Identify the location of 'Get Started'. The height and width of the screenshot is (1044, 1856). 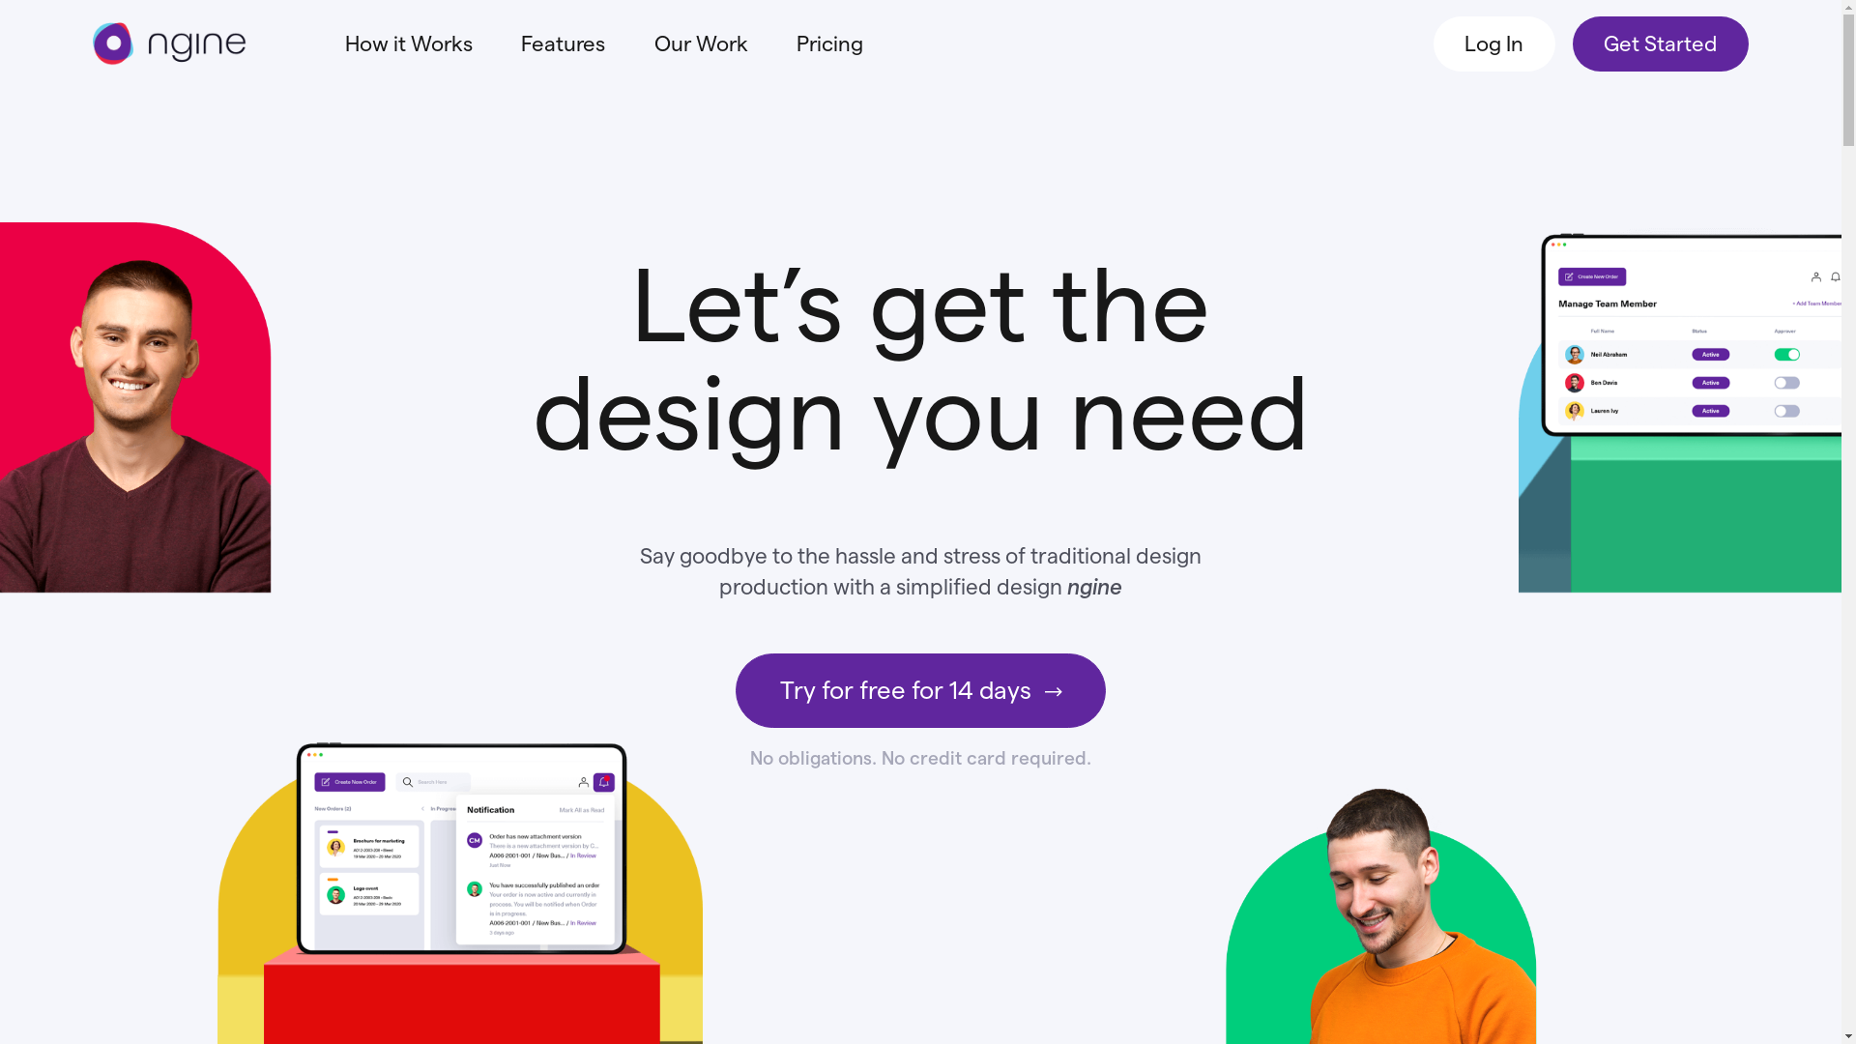
(1660, 43).